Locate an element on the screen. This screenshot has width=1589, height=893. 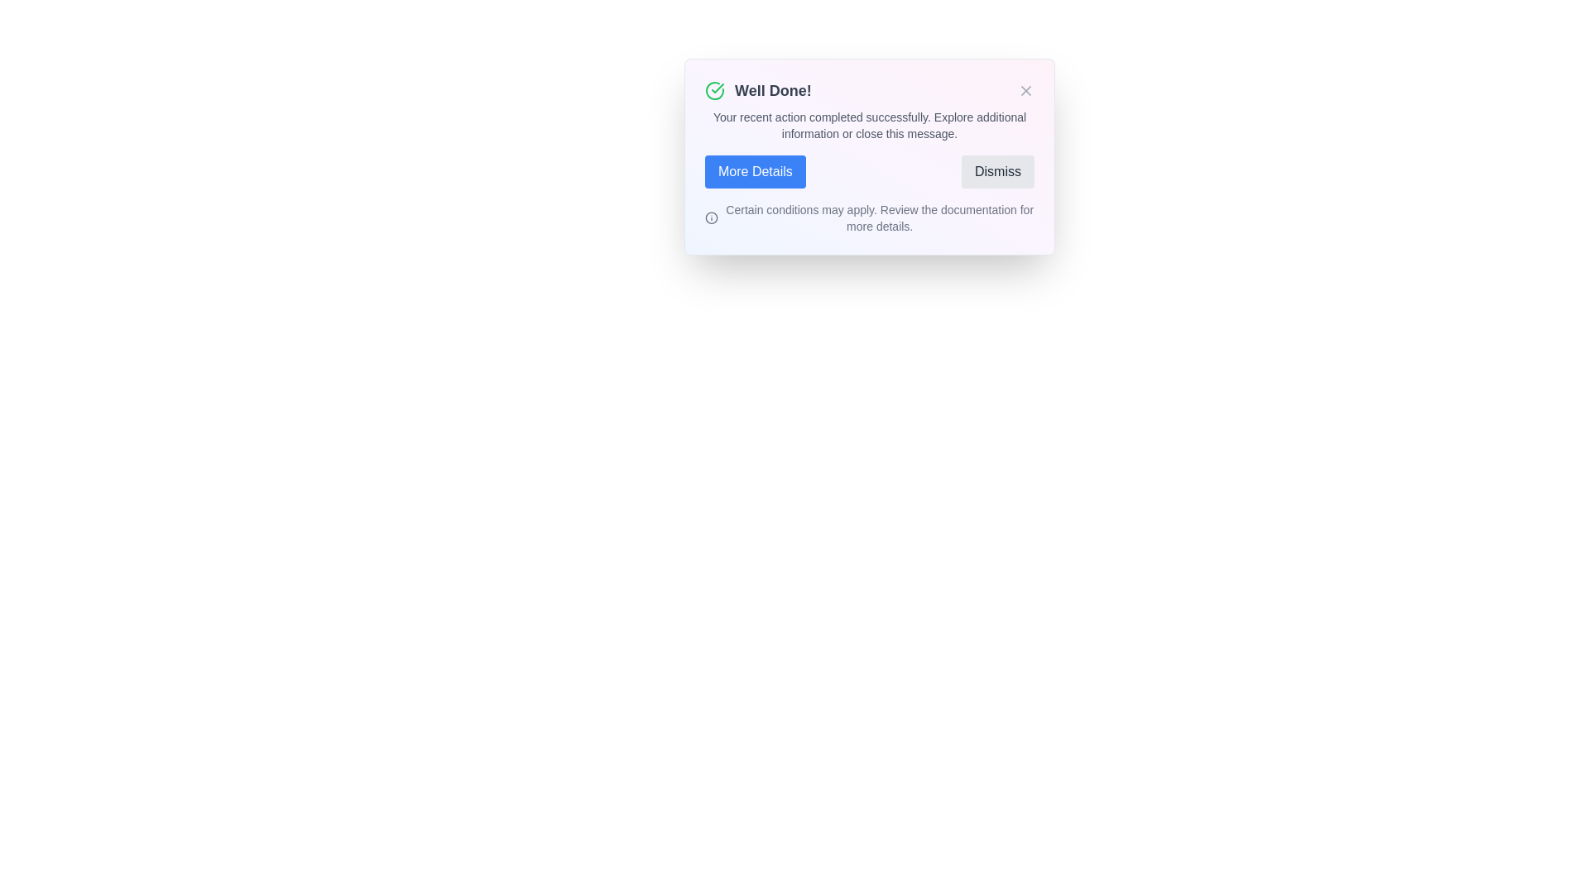
the 'More Details' button is located at coordinates (754, 172).